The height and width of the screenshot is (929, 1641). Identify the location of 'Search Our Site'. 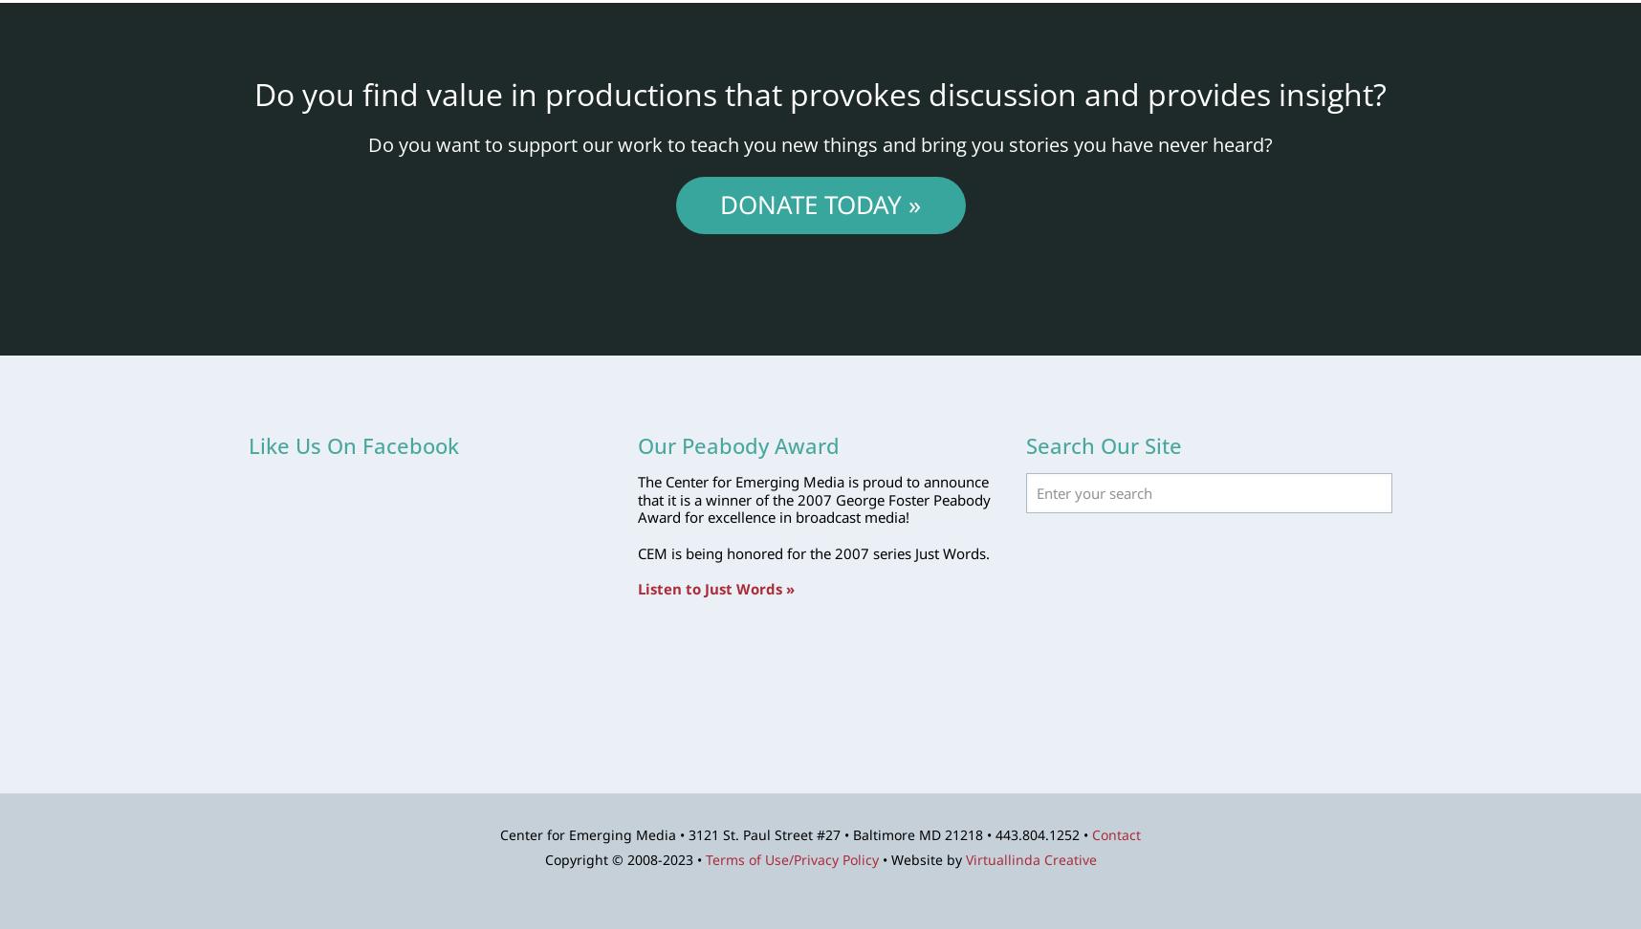
(1103, 443).